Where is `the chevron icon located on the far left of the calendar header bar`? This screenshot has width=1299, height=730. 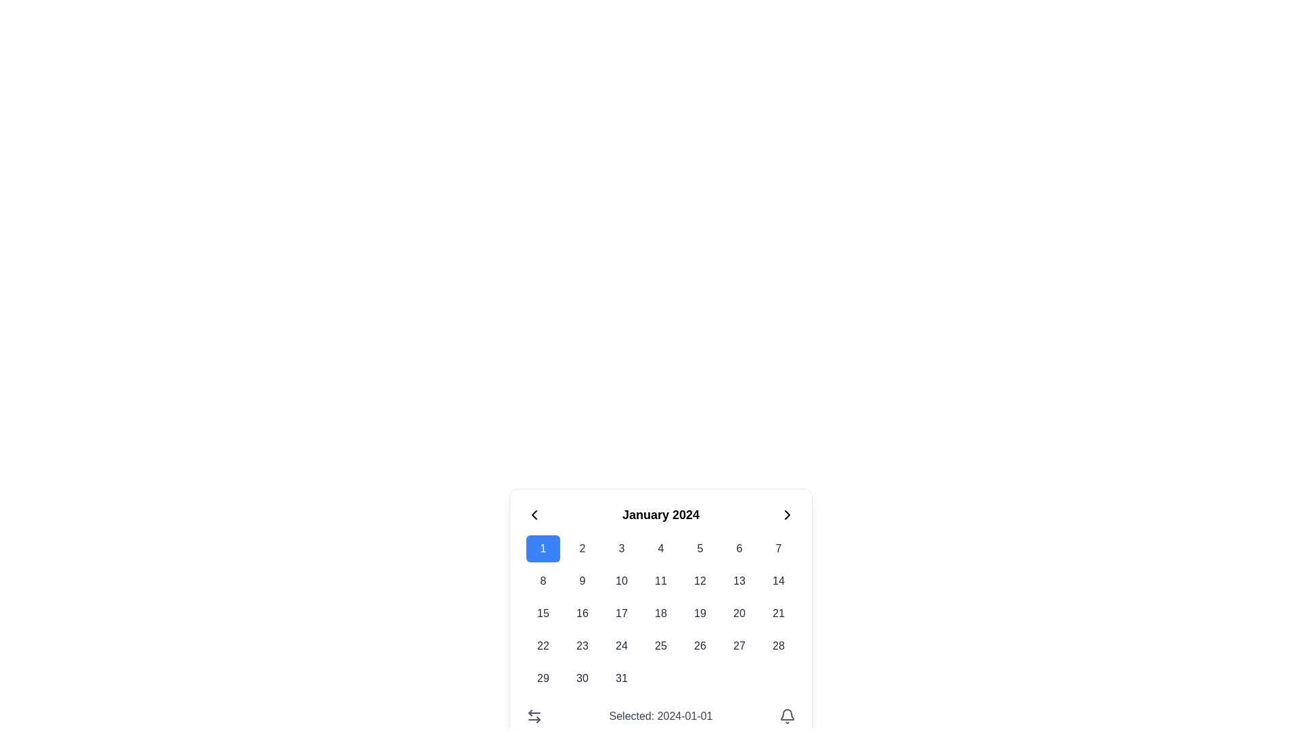 the chevron icon located on the far left of the calendar header bar is located at coordinates (534, 515).